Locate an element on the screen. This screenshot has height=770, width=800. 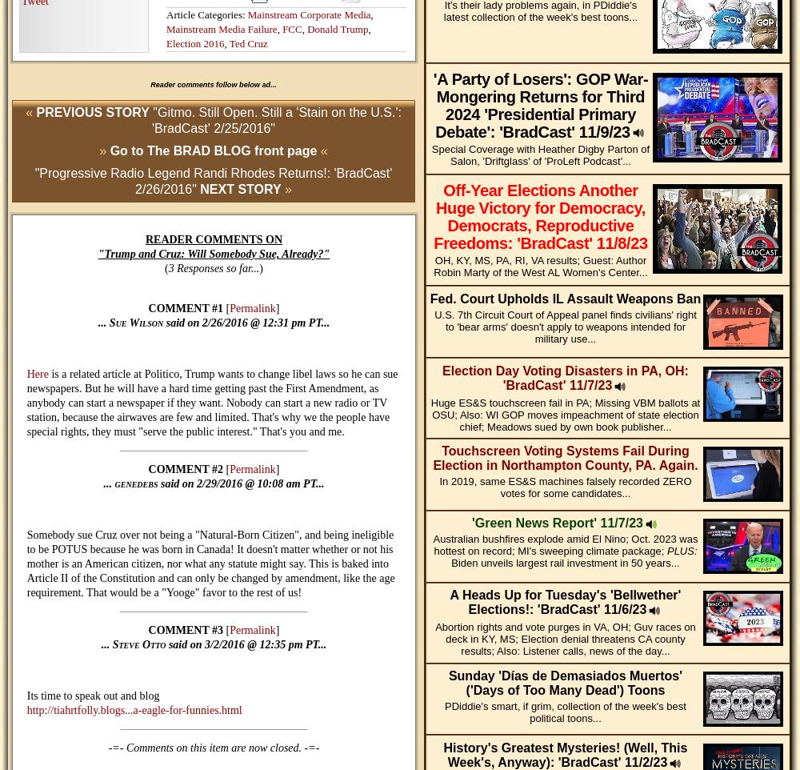
''Green News Report' 11/7/23' is located at coordinates (471, 523).